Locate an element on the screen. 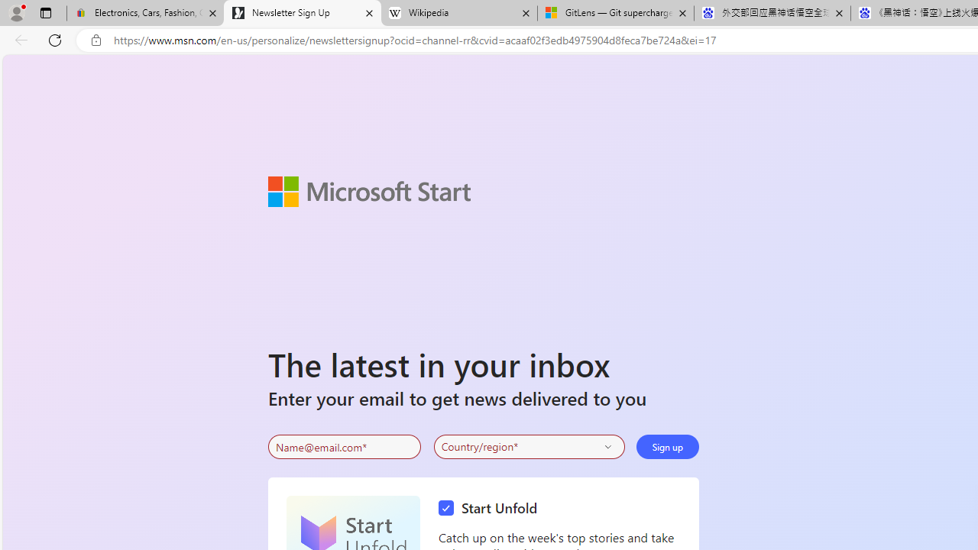 The image size is (978, 550). 'Sign up' is located at coordinates (667, 447).